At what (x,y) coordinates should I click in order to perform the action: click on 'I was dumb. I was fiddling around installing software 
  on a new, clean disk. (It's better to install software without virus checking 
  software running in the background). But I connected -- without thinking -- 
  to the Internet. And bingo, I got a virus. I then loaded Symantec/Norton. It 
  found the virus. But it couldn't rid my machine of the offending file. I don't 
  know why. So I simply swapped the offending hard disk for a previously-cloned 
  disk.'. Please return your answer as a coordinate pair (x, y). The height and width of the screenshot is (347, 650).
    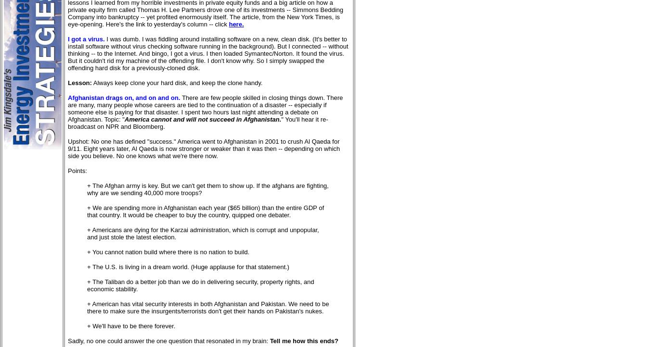
    Looking at the image, I should click on (208, 53).